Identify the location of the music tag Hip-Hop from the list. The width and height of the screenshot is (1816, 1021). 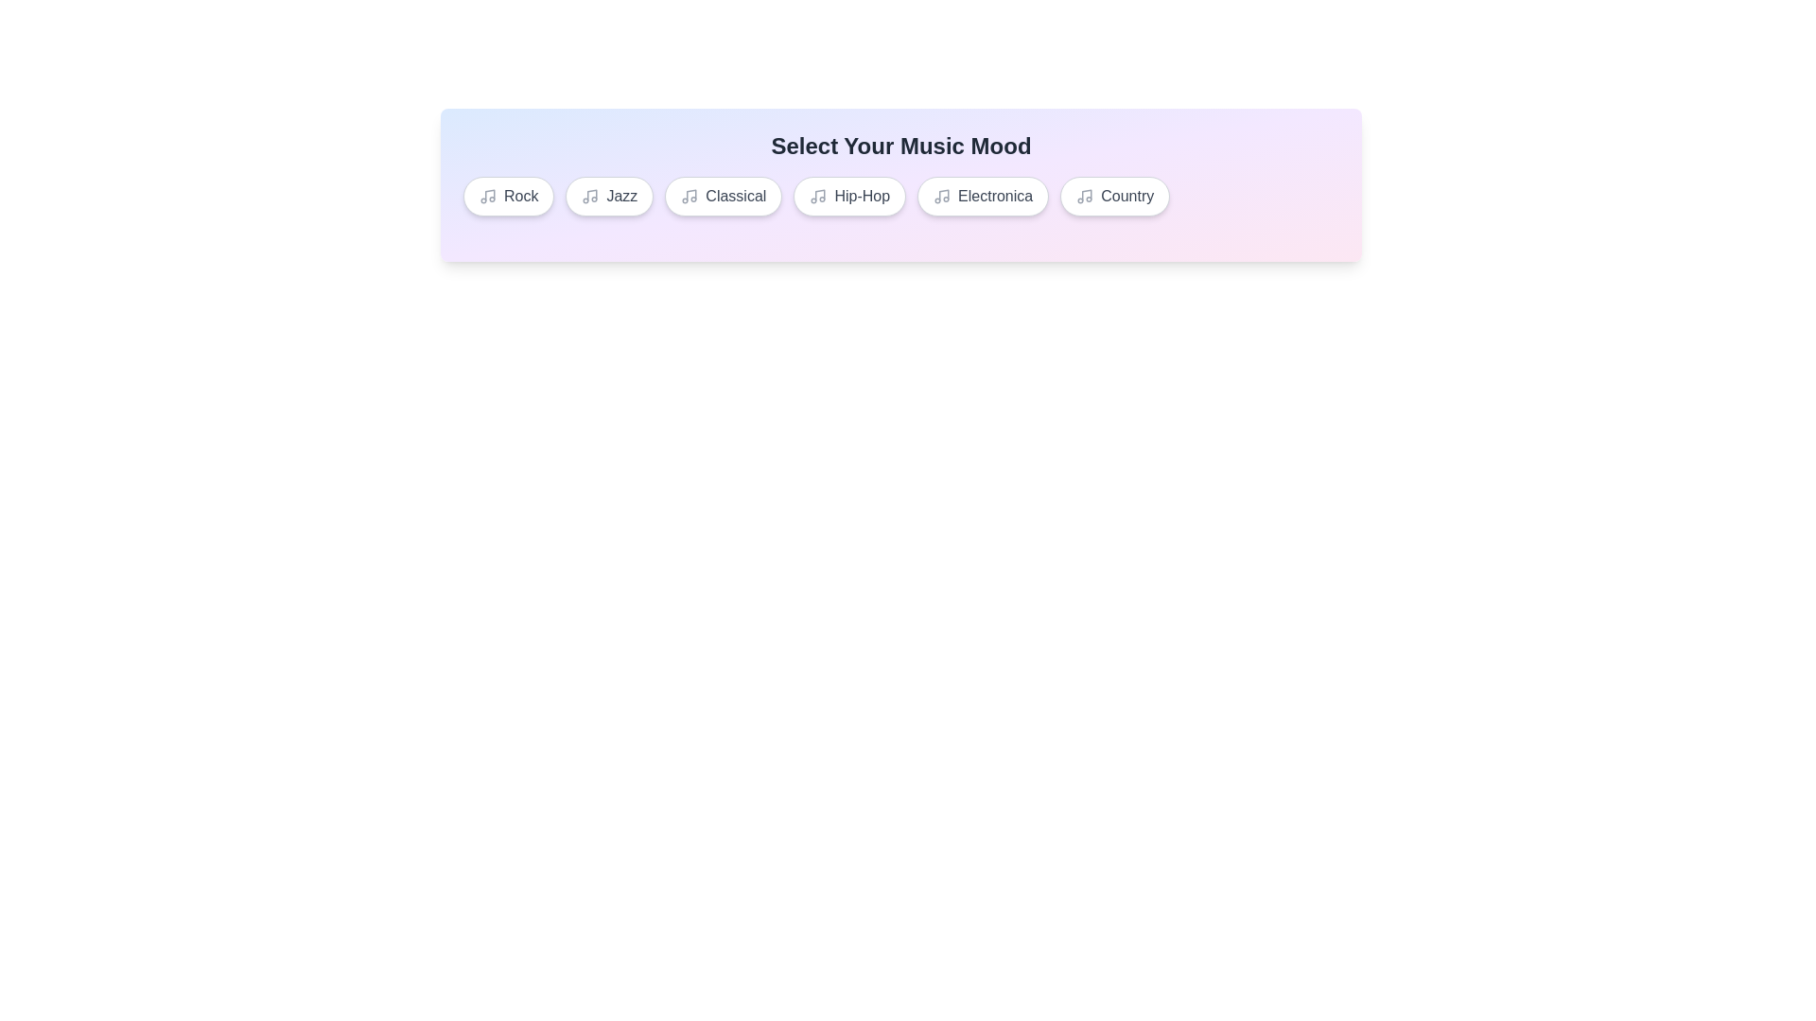
(847, 197).